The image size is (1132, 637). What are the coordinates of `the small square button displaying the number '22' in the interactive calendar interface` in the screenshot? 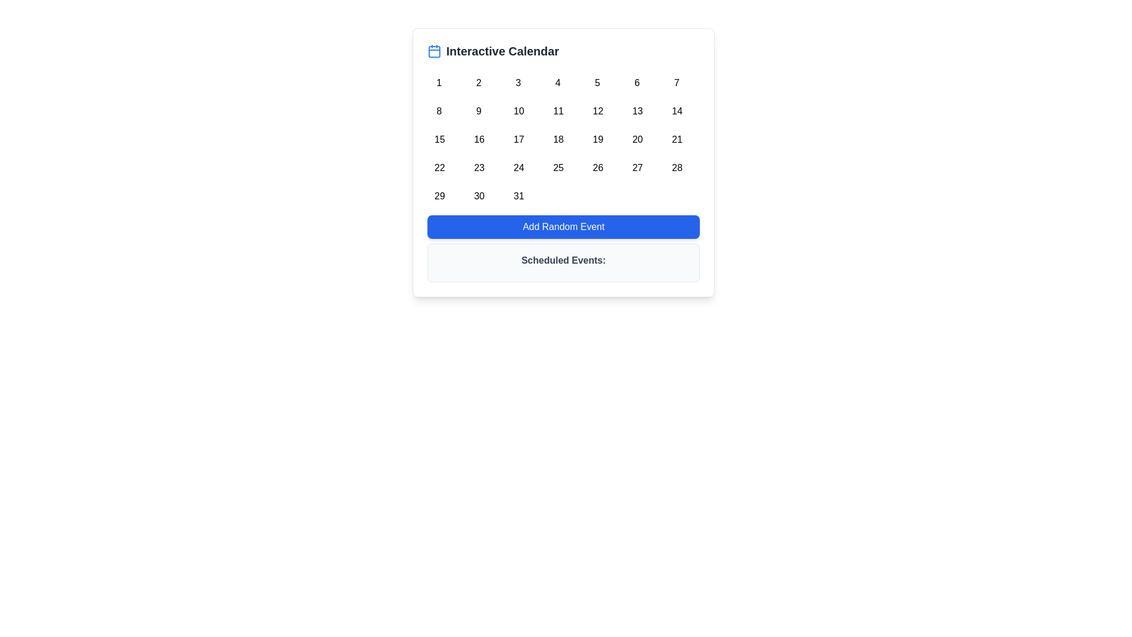 It's located at (438, 166).